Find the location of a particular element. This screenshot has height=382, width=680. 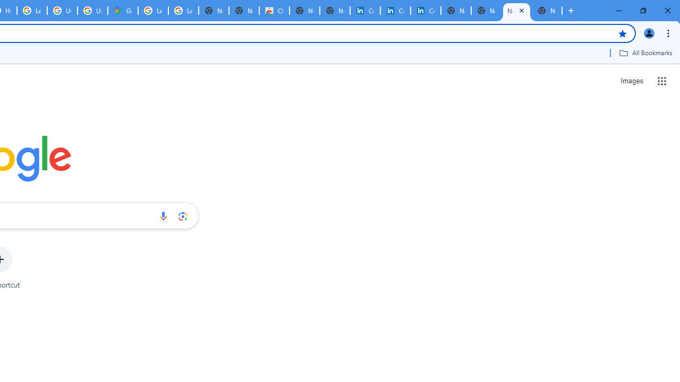

'You' is located at coordinates (648, 32).